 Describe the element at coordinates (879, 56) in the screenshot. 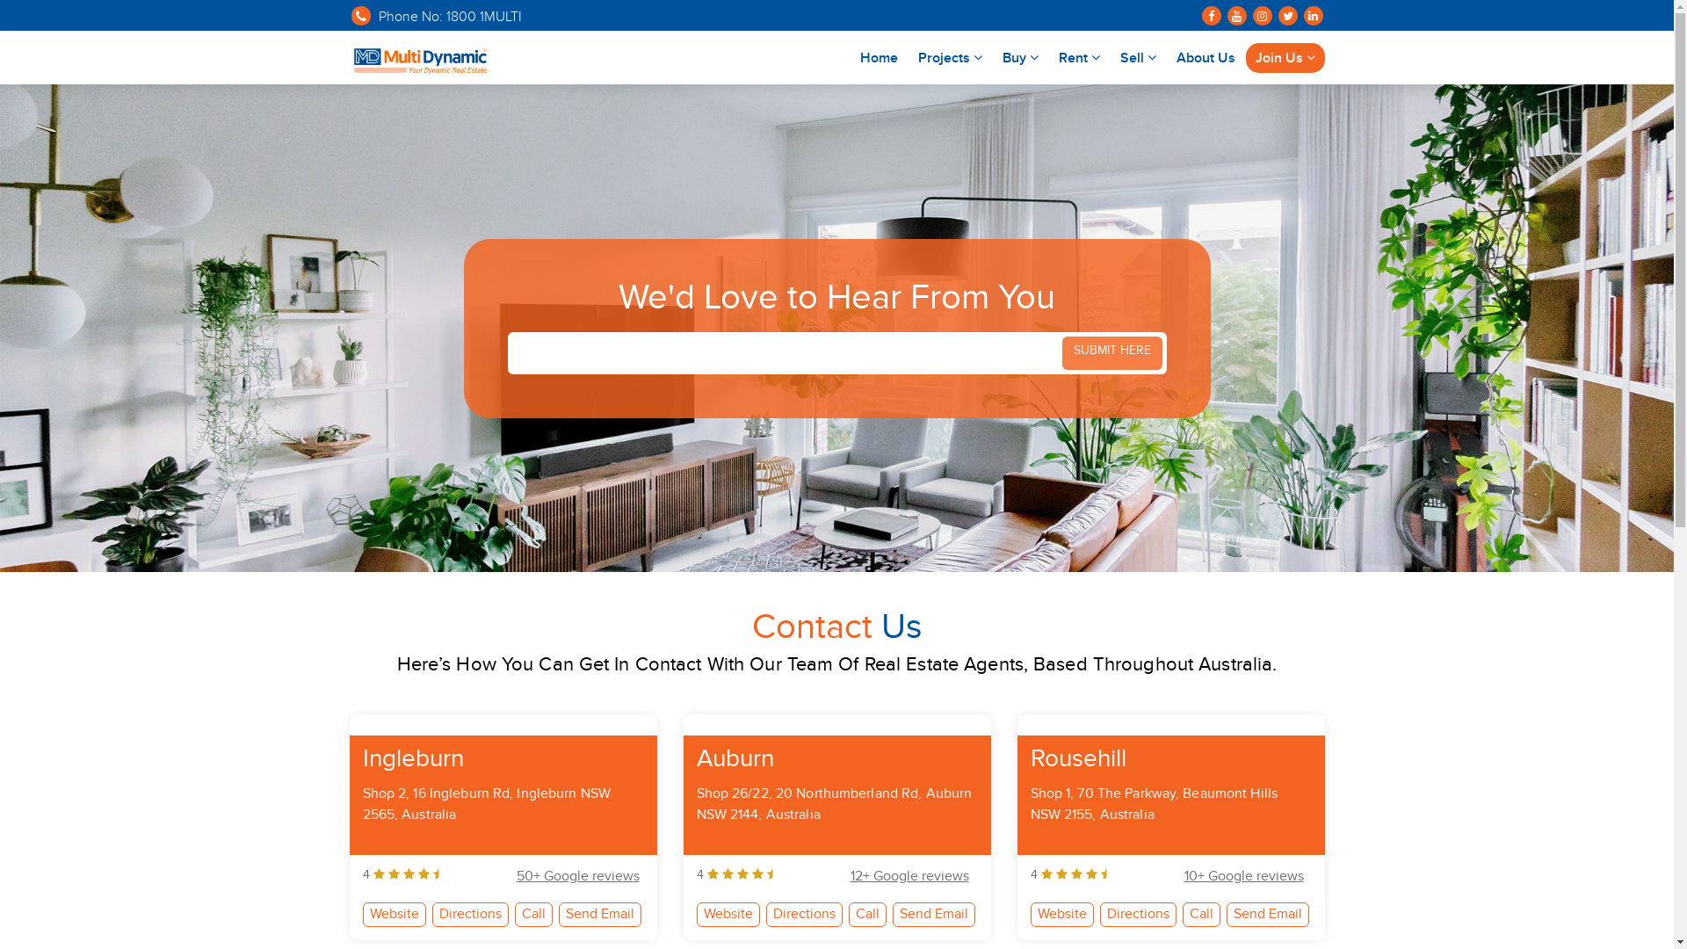

I see `'Home` at that location.